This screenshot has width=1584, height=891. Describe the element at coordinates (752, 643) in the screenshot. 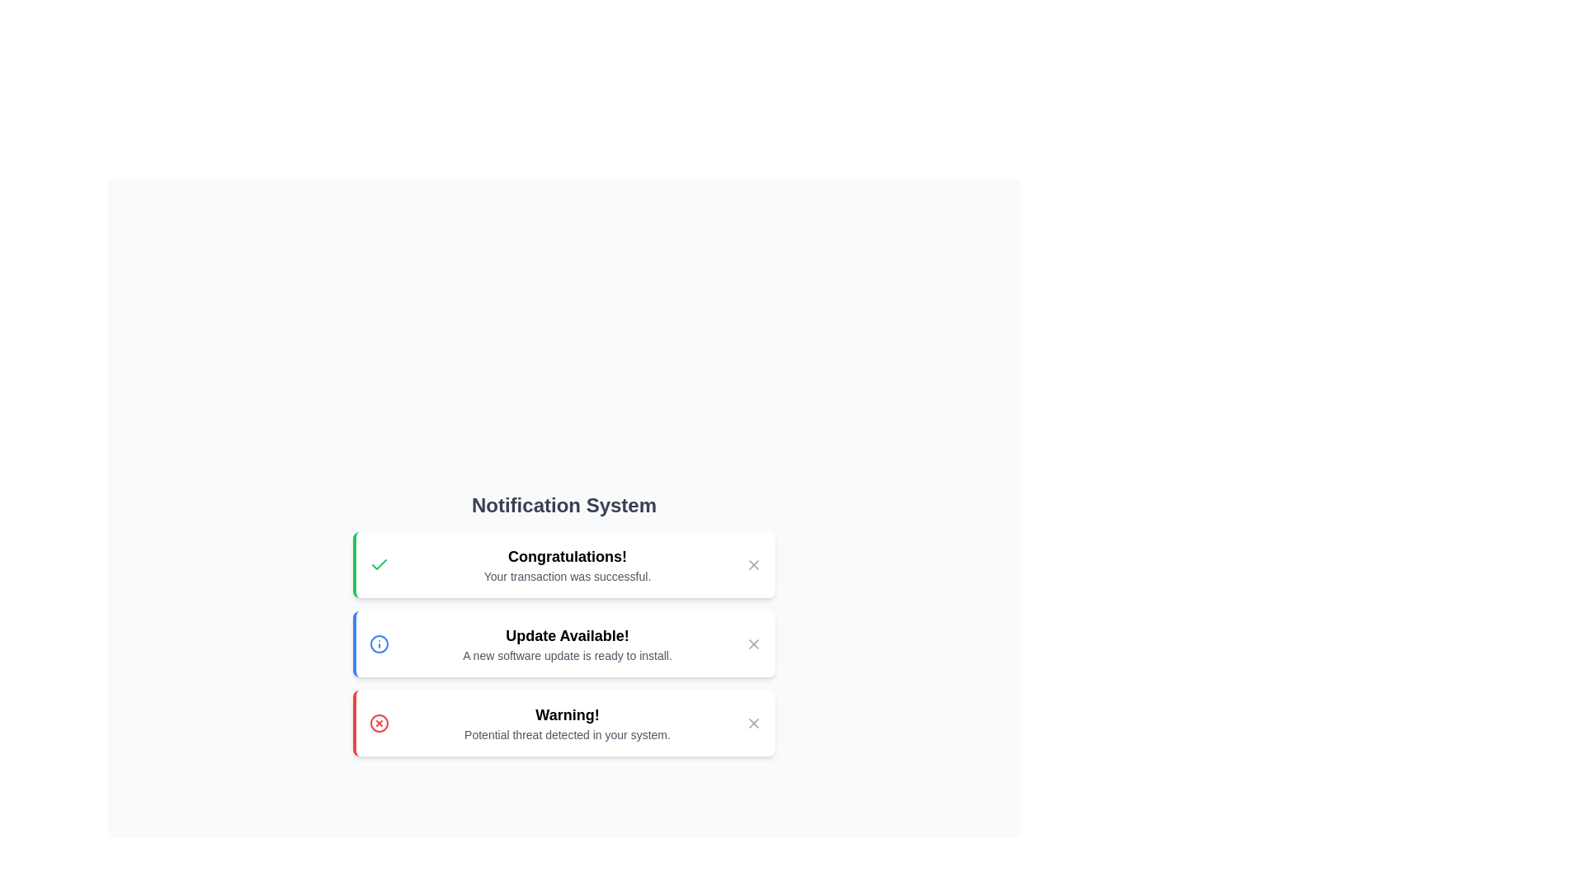

I see `the Close icon (SVG graphic) in the top-right corner of the 'Update Available!' notification box` at that location.